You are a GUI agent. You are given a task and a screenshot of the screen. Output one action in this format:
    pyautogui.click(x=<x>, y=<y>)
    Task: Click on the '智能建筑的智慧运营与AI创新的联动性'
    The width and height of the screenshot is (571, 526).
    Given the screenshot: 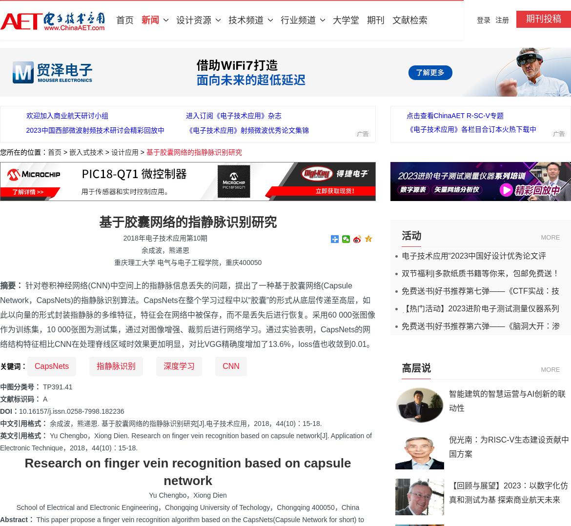 What is the action you would take?
    pyautogui.click(x=507, y=401)
    